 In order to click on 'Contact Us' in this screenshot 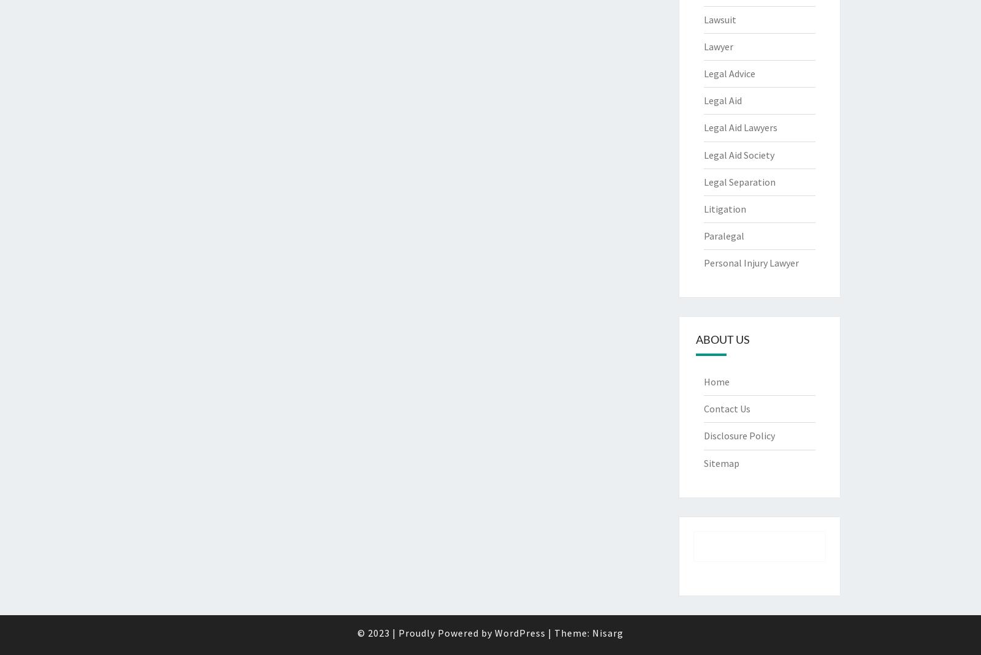, I will do `click(726, 407)`.